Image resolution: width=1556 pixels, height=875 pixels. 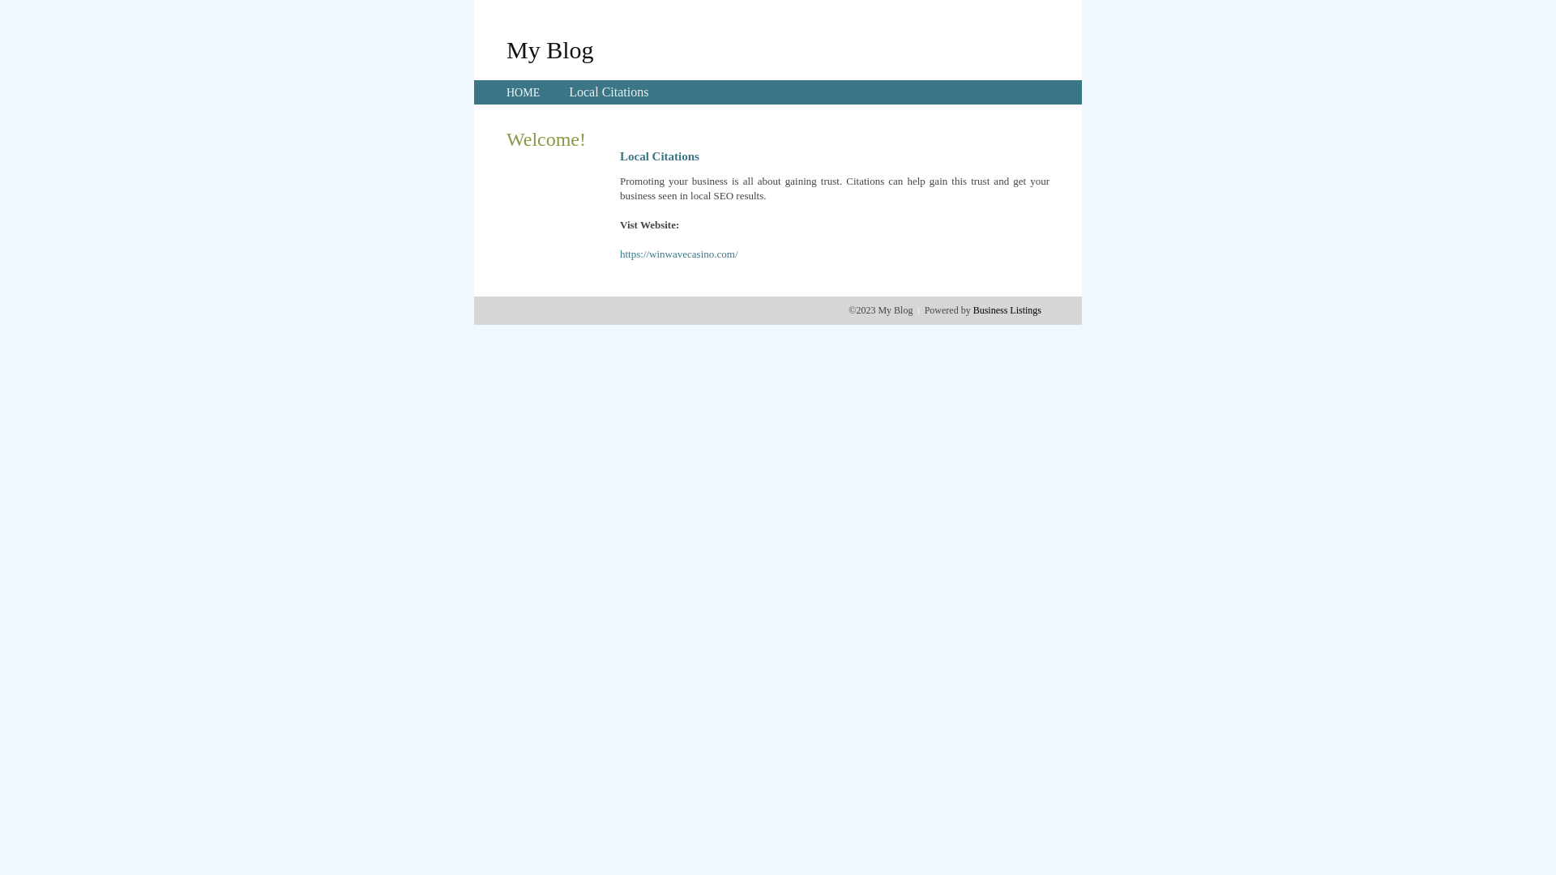 What do you see at coordinates (523, 92) in the screenshot?
I see `'HOME'` at bounding box center [523, 92].